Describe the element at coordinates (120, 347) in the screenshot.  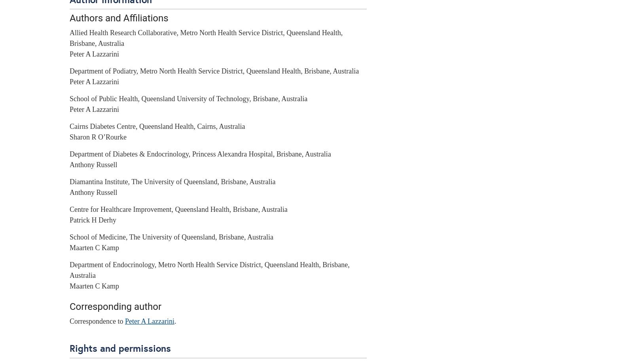
I see `'Rights and permissions'` at that location.